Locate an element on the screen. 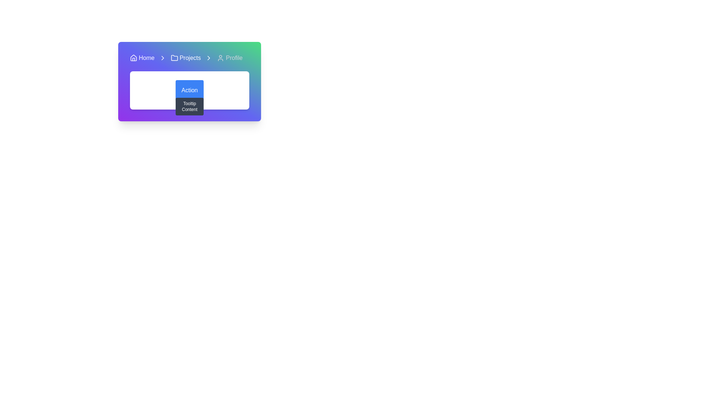 The image size is (707, 397). the 'Projects' icon located in the navigation bar is located at coordinates (174, 57).